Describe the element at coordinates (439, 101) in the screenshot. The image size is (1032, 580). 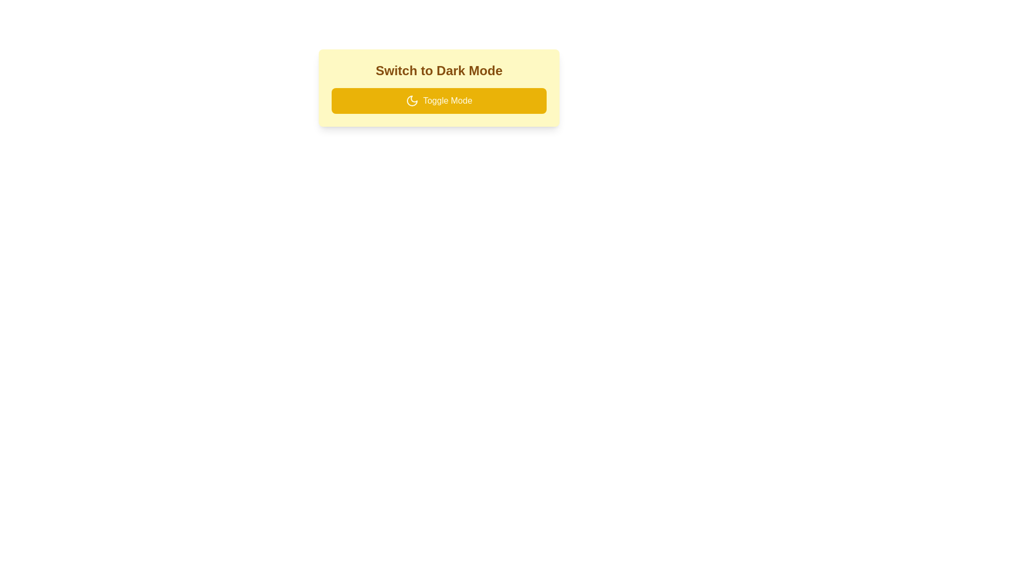
I see `'Toggle Mode' button to switch the mode` at that location.